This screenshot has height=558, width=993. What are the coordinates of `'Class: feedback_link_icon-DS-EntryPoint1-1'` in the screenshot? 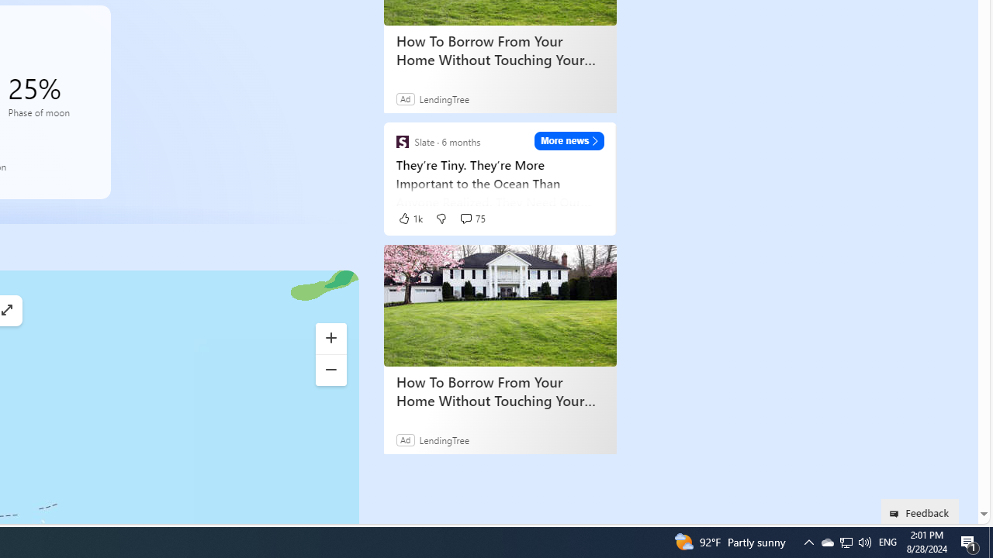 It's located at (897, 514).